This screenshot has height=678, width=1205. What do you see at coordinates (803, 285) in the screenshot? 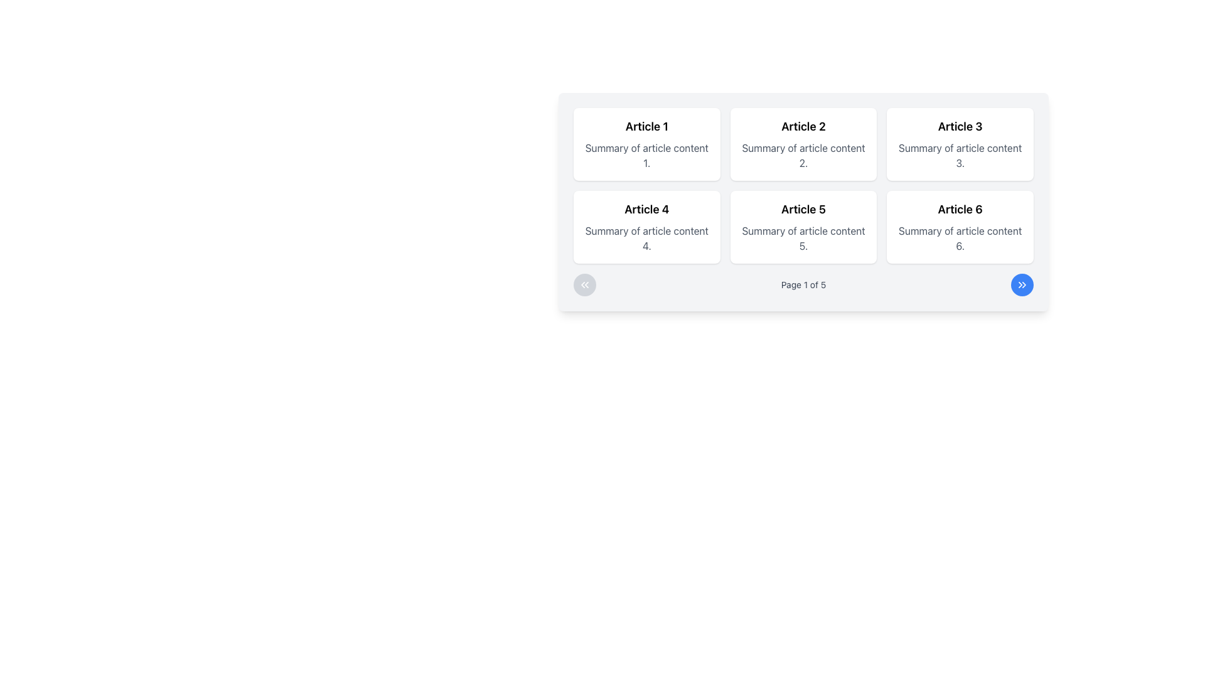
I see `the text label that indicates the current page number and total number of pages, which is centrally positioned between the navigation arrows in the pagination area` at bounding box center [803, 285].